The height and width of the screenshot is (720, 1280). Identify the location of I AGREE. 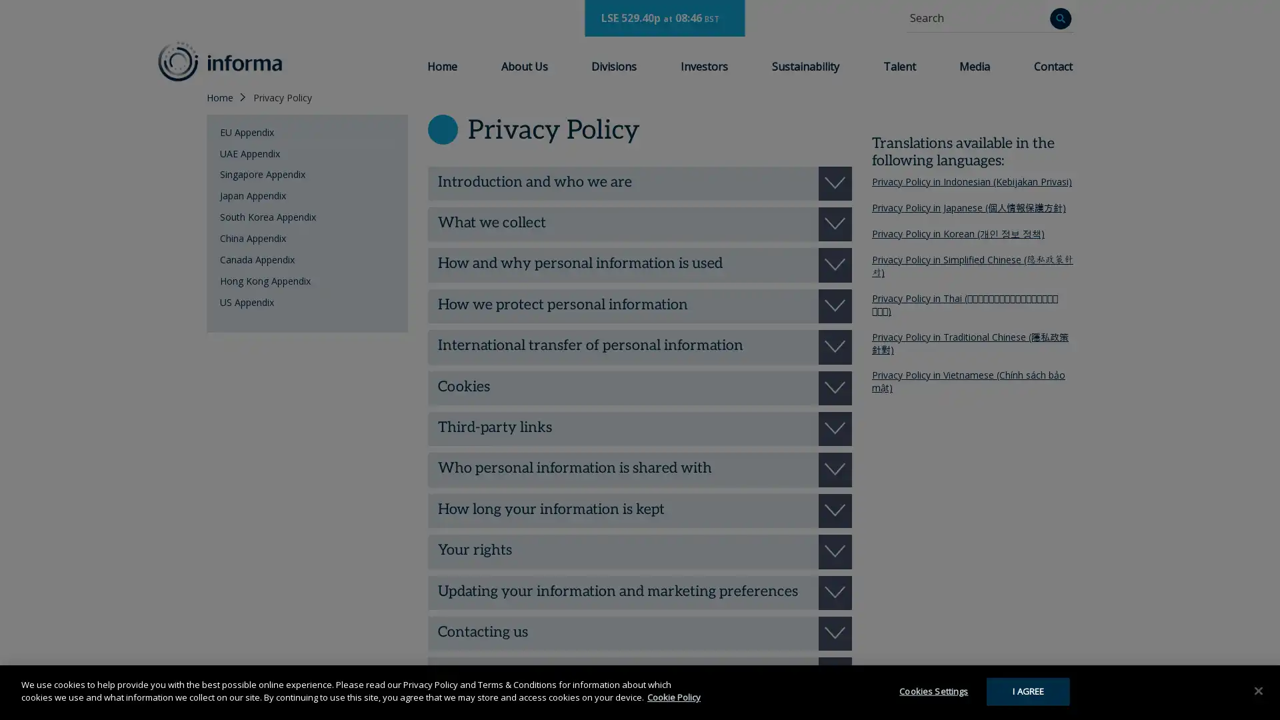
(1027, 691).